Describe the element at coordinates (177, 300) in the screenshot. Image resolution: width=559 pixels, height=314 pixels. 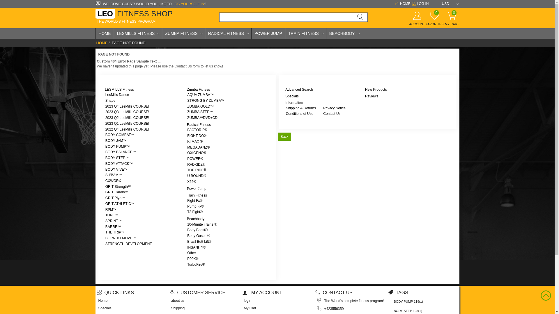
I see `'about us'` at that location.